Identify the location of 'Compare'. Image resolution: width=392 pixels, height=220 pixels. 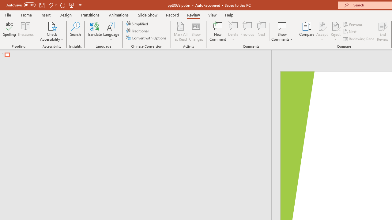
(307, 31).